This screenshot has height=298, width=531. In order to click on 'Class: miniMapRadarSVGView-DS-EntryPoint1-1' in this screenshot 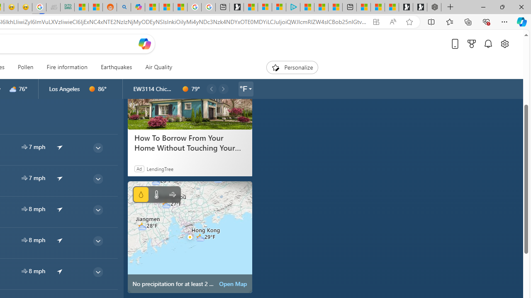, I will do `click(189, 237)`.